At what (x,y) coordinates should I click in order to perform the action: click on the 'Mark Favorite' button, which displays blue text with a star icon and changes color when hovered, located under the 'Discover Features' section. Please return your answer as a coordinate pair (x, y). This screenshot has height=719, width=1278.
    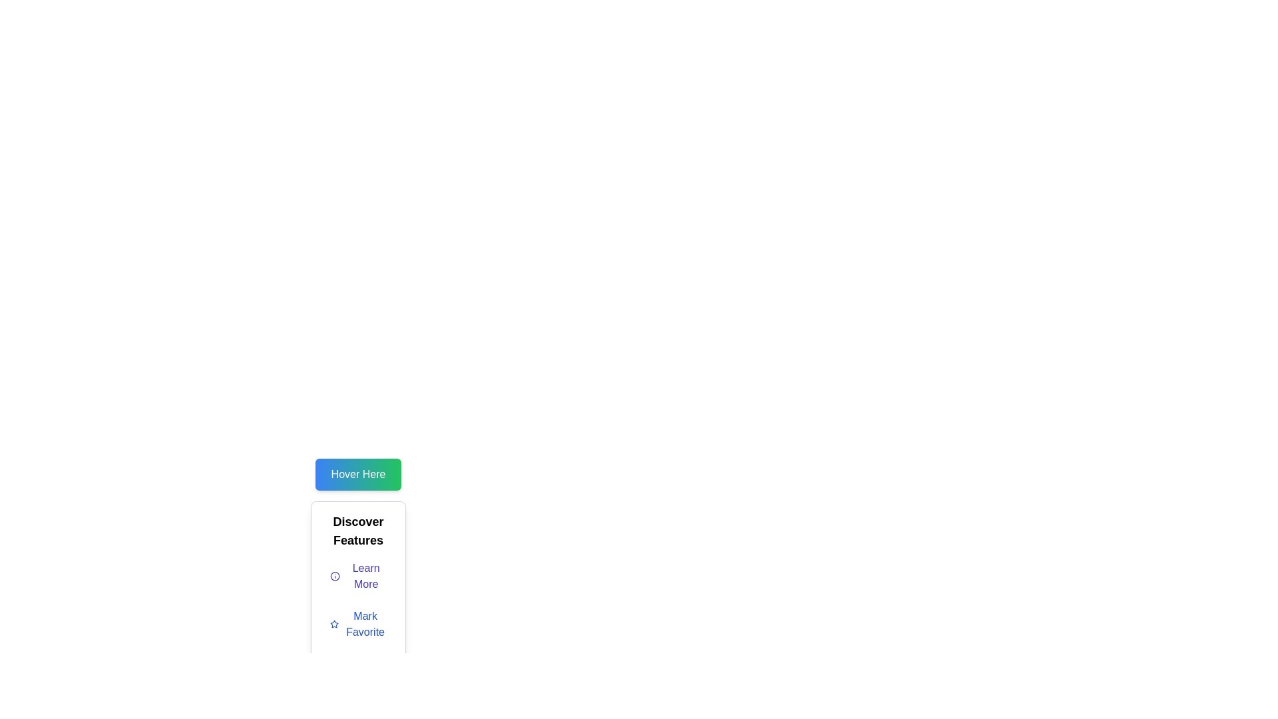
    Looking at the image, I should click on (358, 624).